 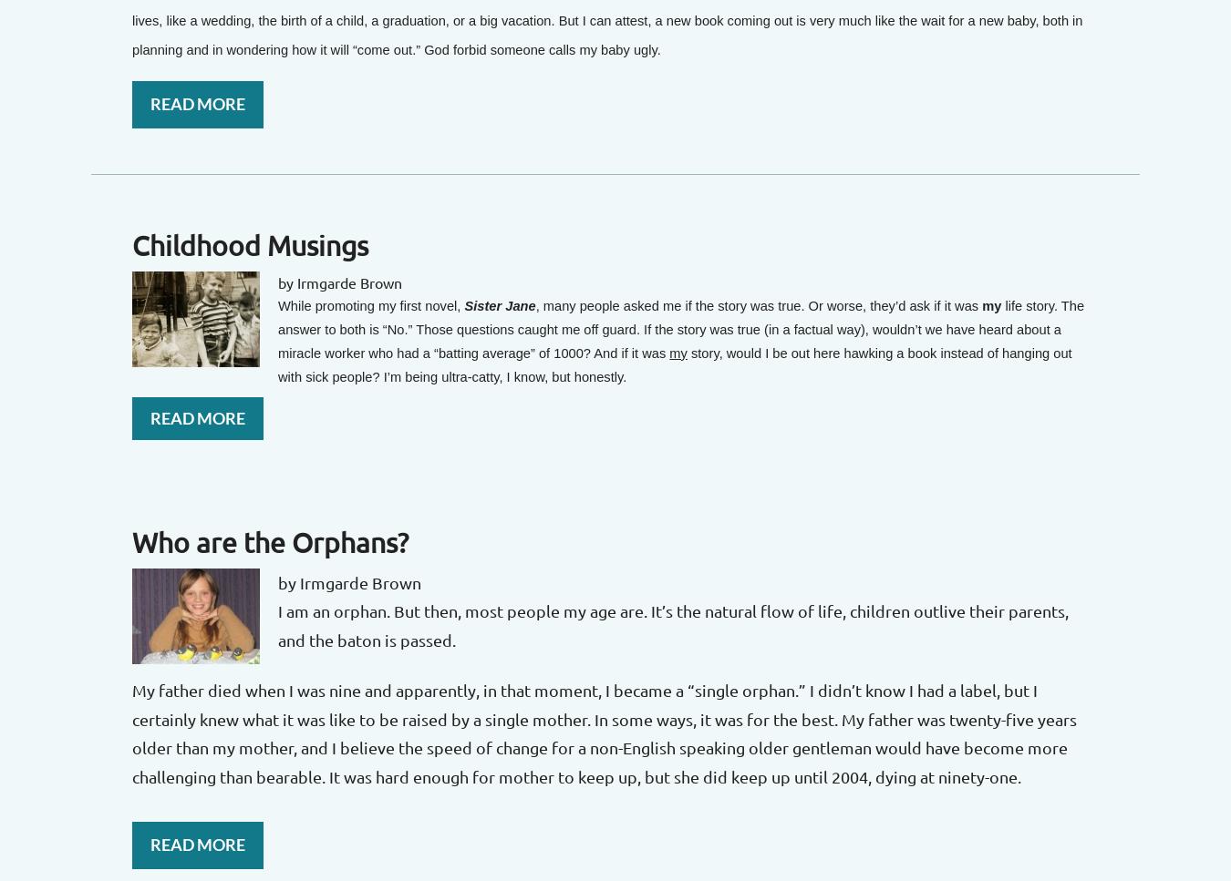 What do you see at coordinates (371, 304) in the screenshot?
I see `'While promoting my first novel,'` at bounding box center [371, 304].